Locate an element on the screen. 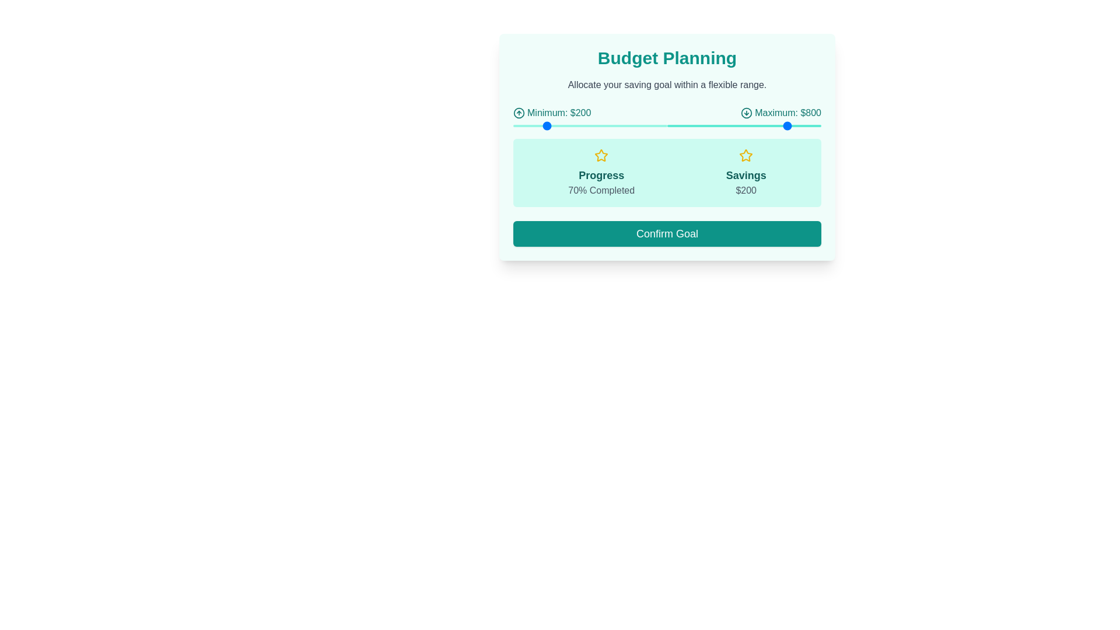  the slider is located at coordinates (750, 126).